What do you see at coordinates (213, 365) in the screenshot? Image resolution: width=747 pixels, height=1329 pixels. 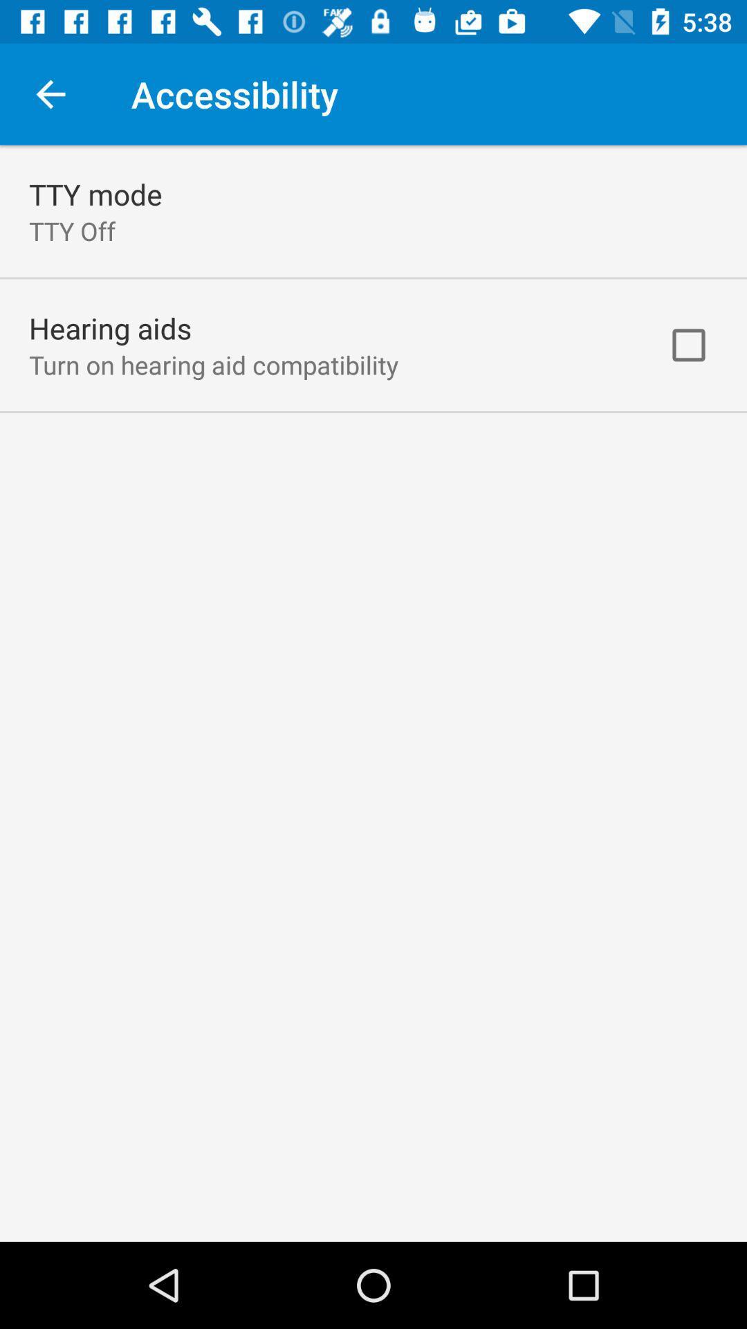 I see `the turn on hearing icon` at bounding box center [213, 365].